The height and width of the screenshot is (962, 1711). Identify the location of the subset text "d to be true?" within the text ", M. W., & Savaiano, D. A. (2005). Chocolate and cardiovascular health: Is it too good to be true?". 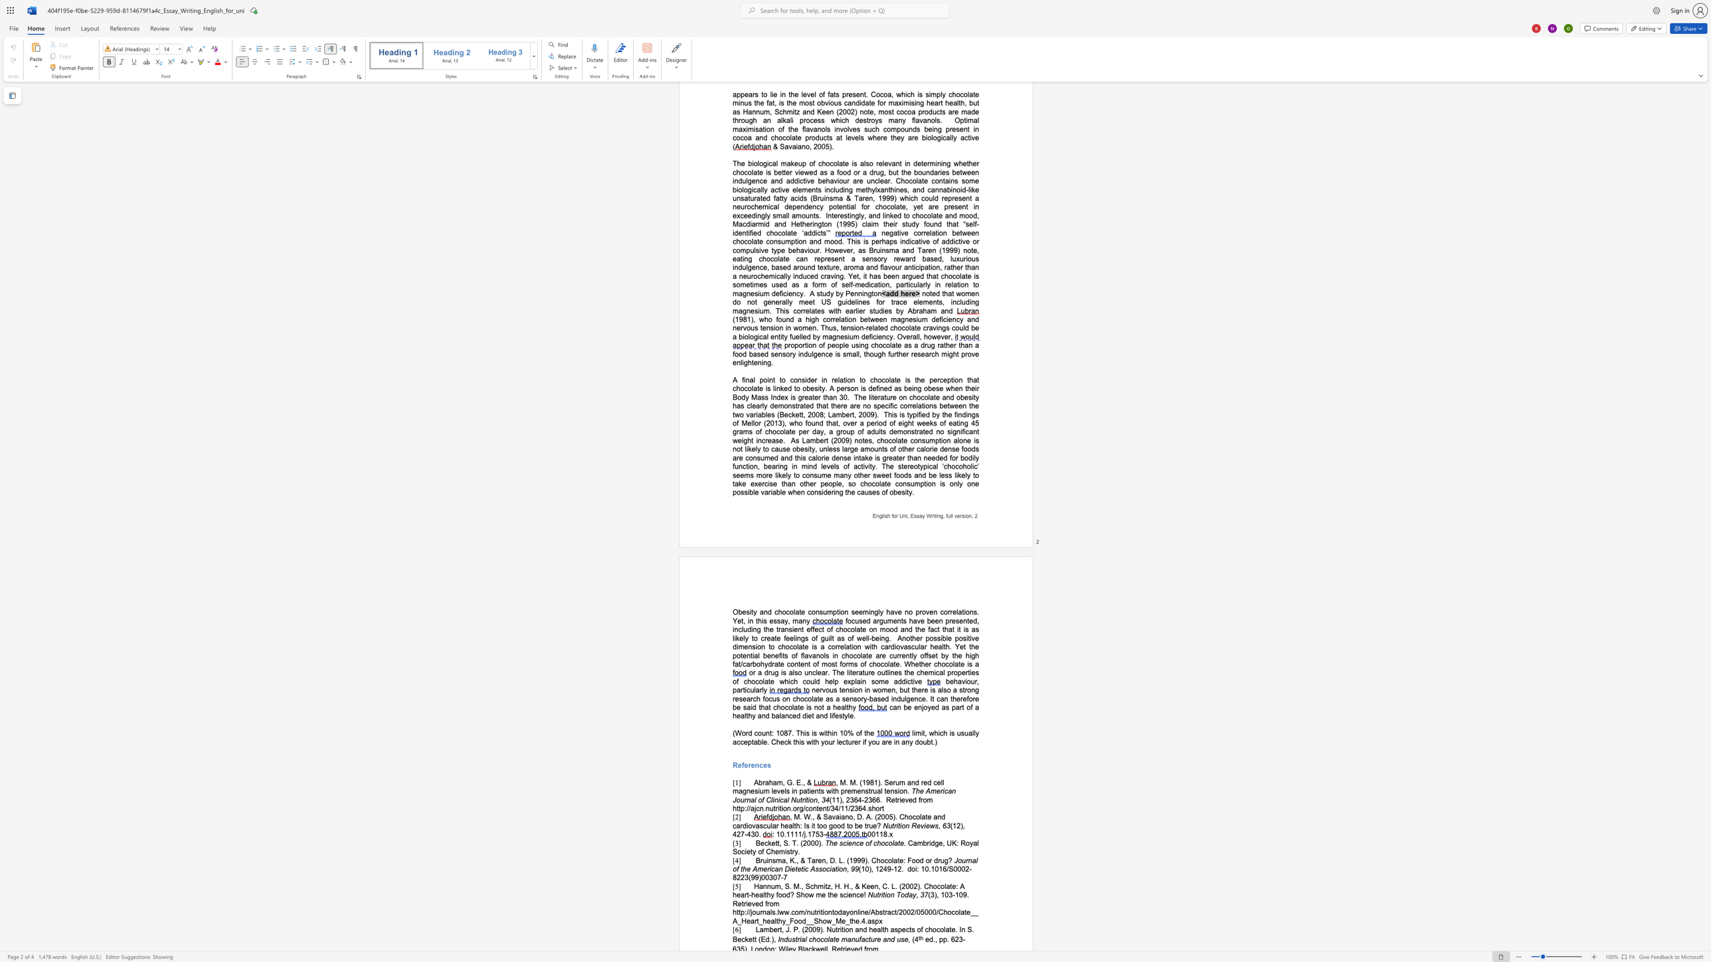
(840, 825).